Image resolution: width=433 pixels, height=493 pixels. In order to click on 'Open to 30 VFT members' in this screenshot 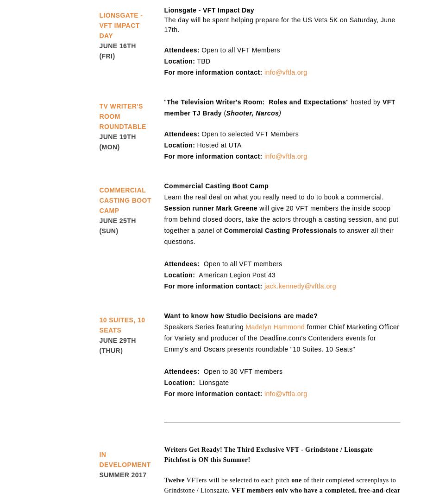, I will do `click(240, 371)`.